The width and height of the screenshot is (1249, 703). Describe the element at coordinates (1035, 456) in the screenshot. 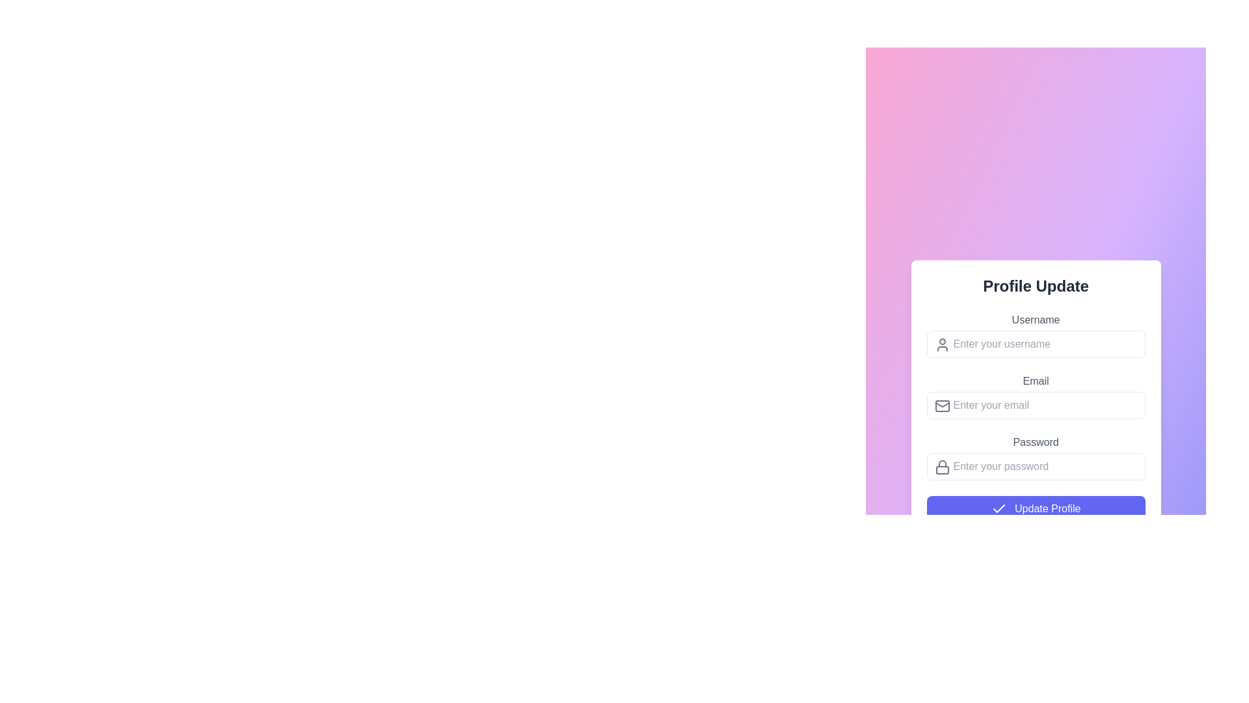

I see `the Password Input Field located within the 'Profile Update' form` at that location.